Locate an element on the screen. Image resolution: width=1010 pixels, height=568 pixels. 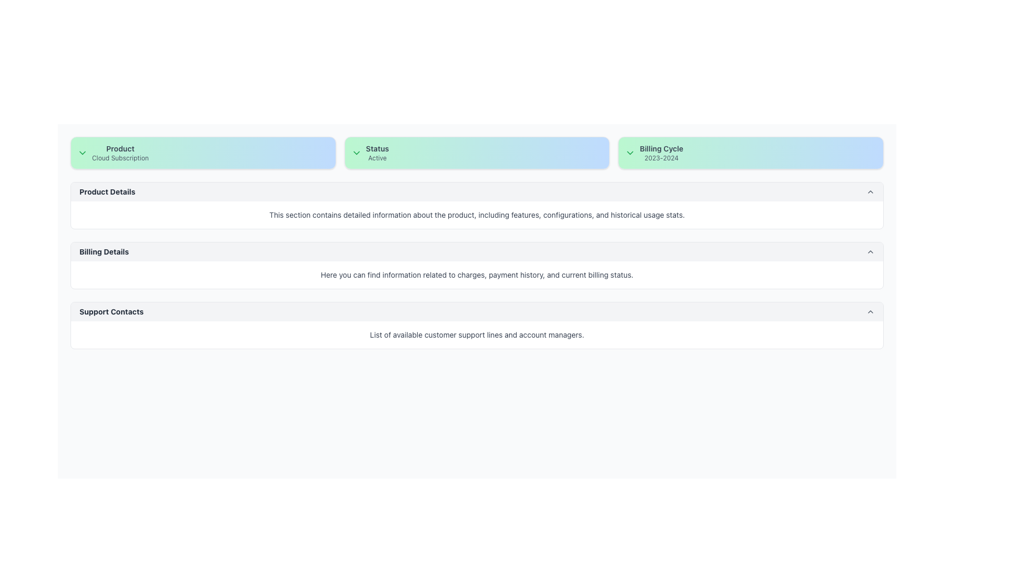
the Text Label that serves as a heading within its section, positioned above the 'Active' label and between 'Product' and 'Billing Cycle' is located at coordinates (377, 148).